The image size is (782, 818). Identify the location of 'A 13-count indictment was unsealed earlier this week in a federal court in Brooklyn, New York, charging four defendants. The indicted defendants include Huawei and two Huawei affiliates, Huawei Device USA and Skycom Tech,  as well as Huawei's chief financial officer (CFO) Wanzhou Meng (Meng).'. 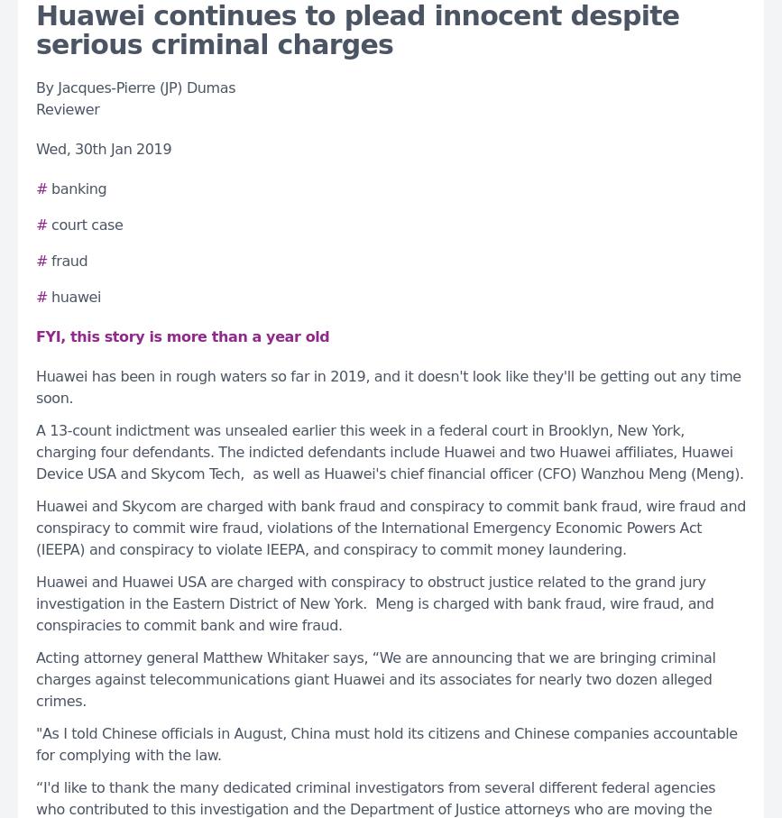
(390, 450).